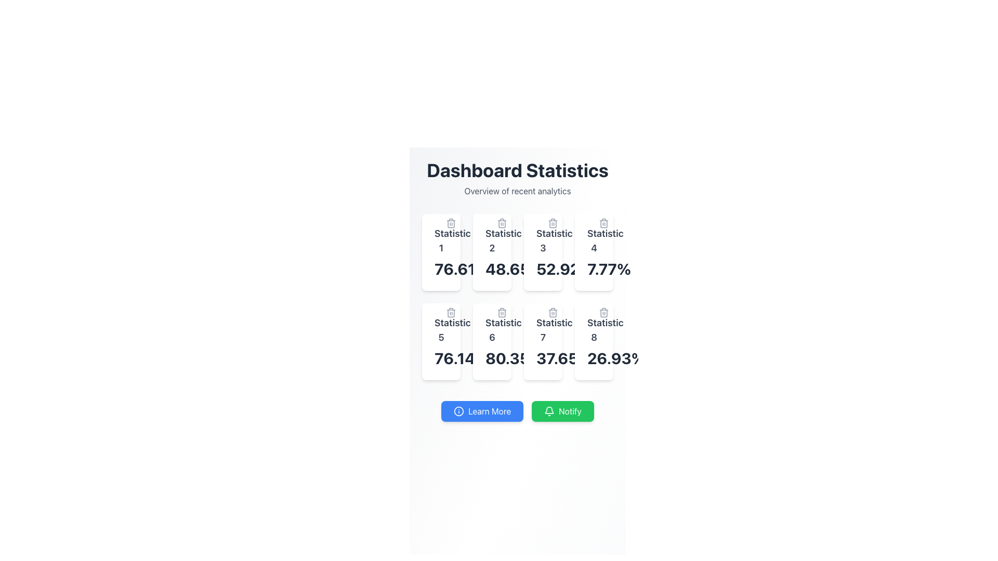 The height and width of the screenshot is (561, 998). Describe the element at coordinates (543, 241) in the screenshot. I see `the text element displaying 'Statistic 3' which is in bold and slightly larger font, located in the top-middle section of the grid layout under 'Dashboard Statistics'` at that location.